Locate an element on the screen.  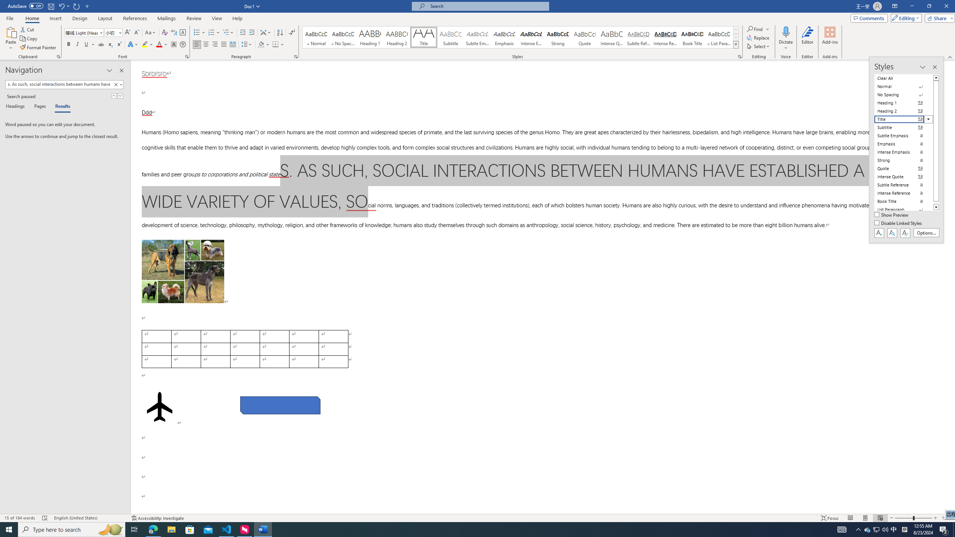
'Spelling and Grammar Check Errors' is located at coordinates (45, 518).